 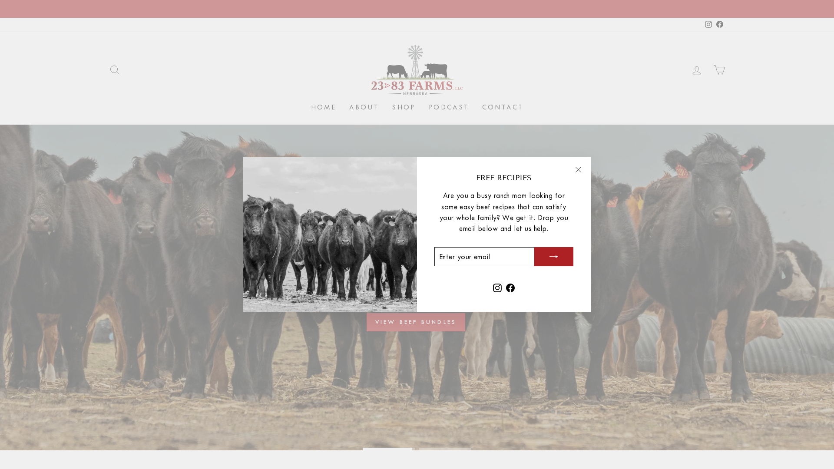 I want to click on '"Close (esc)"', so click(x=578, y=169).